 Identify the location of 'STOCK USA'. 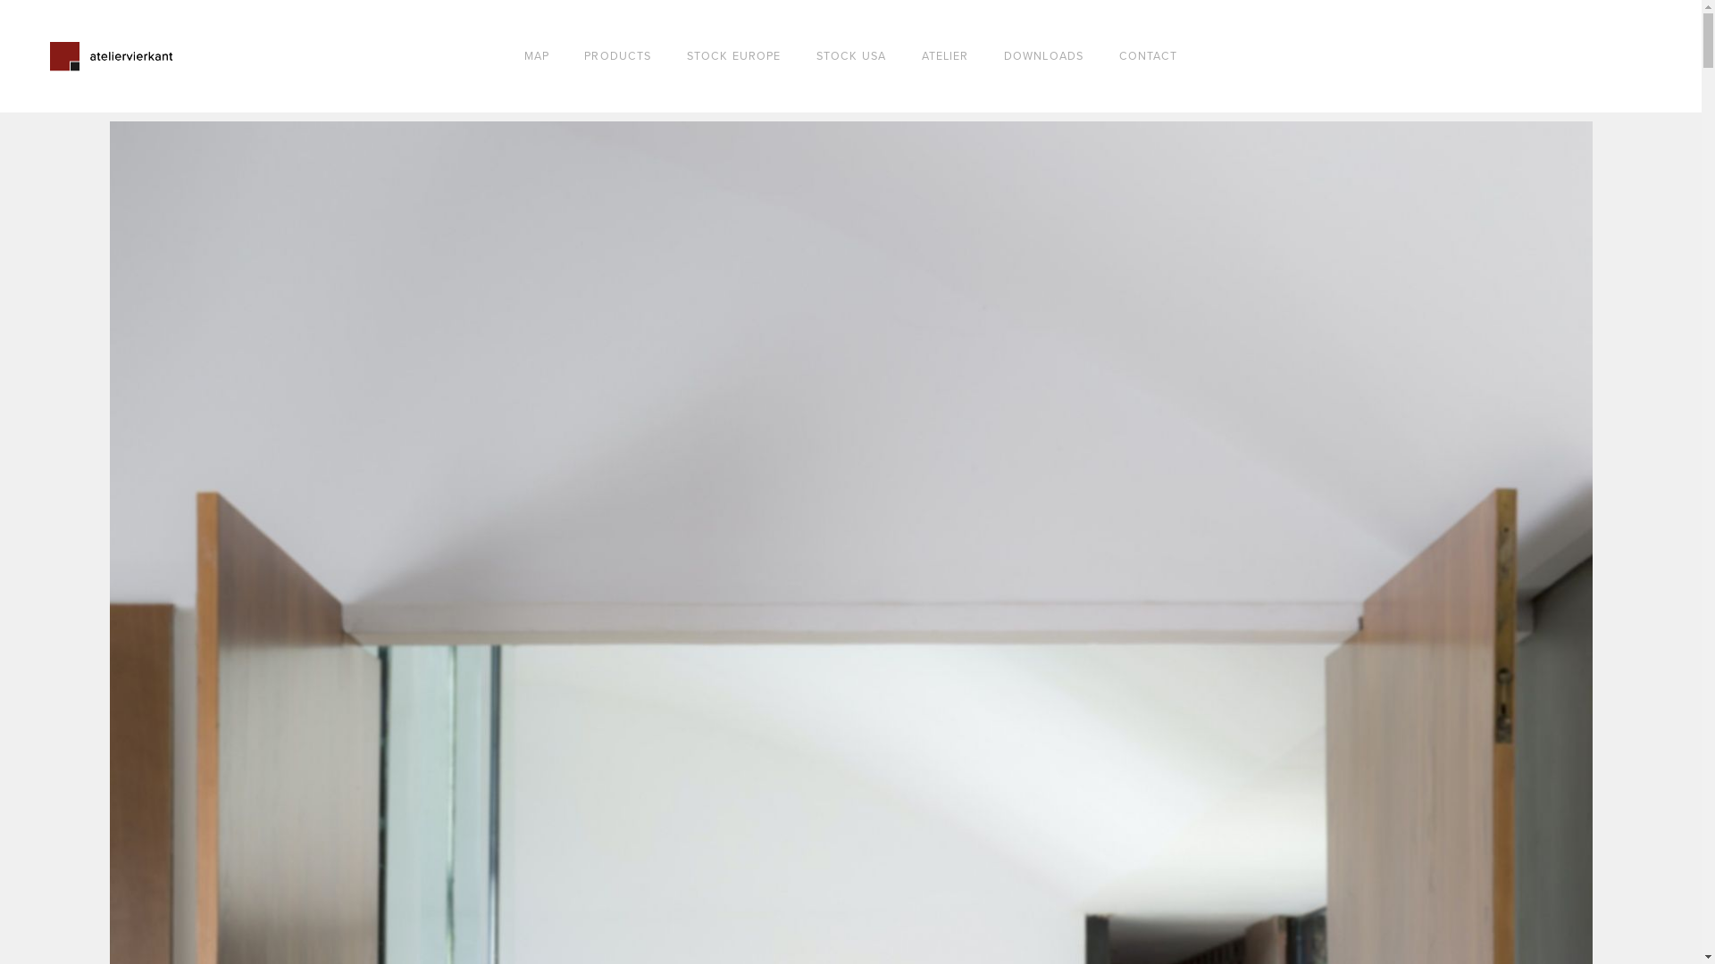
(850, 55).